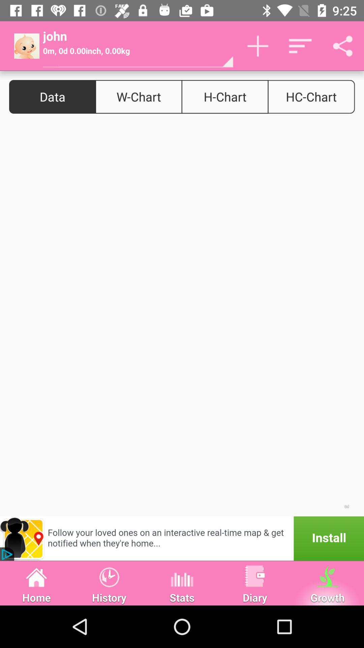 The height and width of the screenshot is (648, 364). I want to click on app space, so click(182, 319).